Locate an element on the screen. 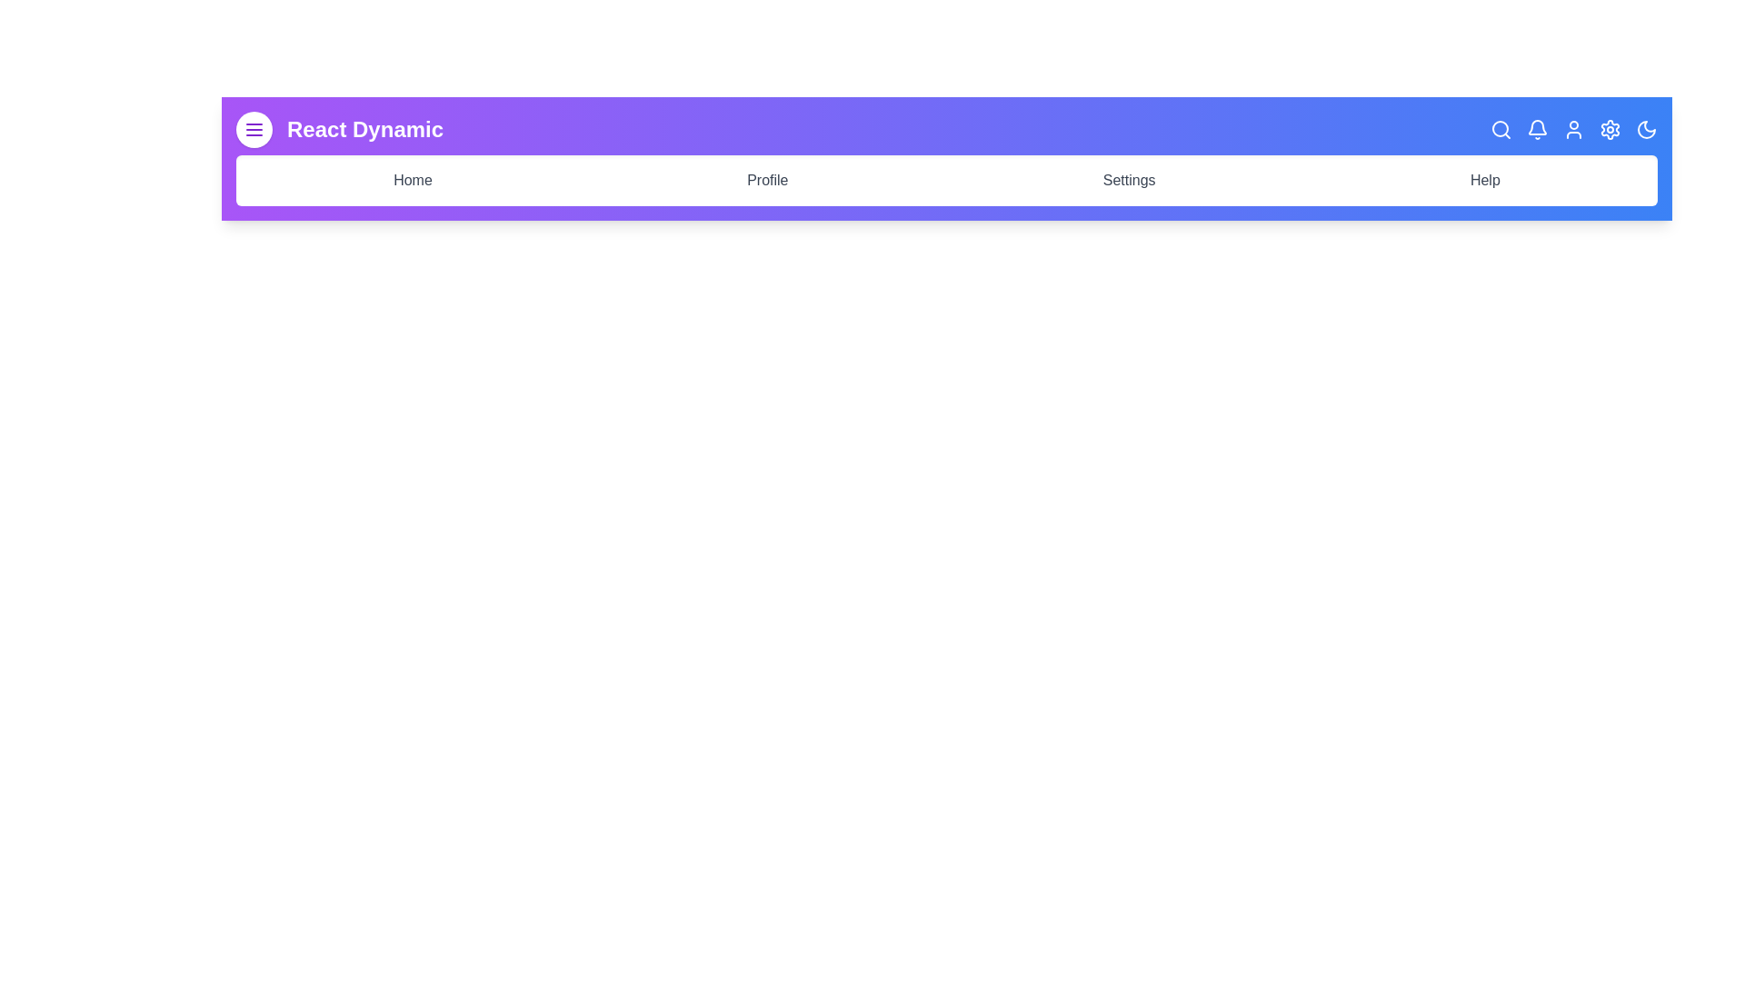  the Bell icon in the app bar is located at coordinates (1536, 128).